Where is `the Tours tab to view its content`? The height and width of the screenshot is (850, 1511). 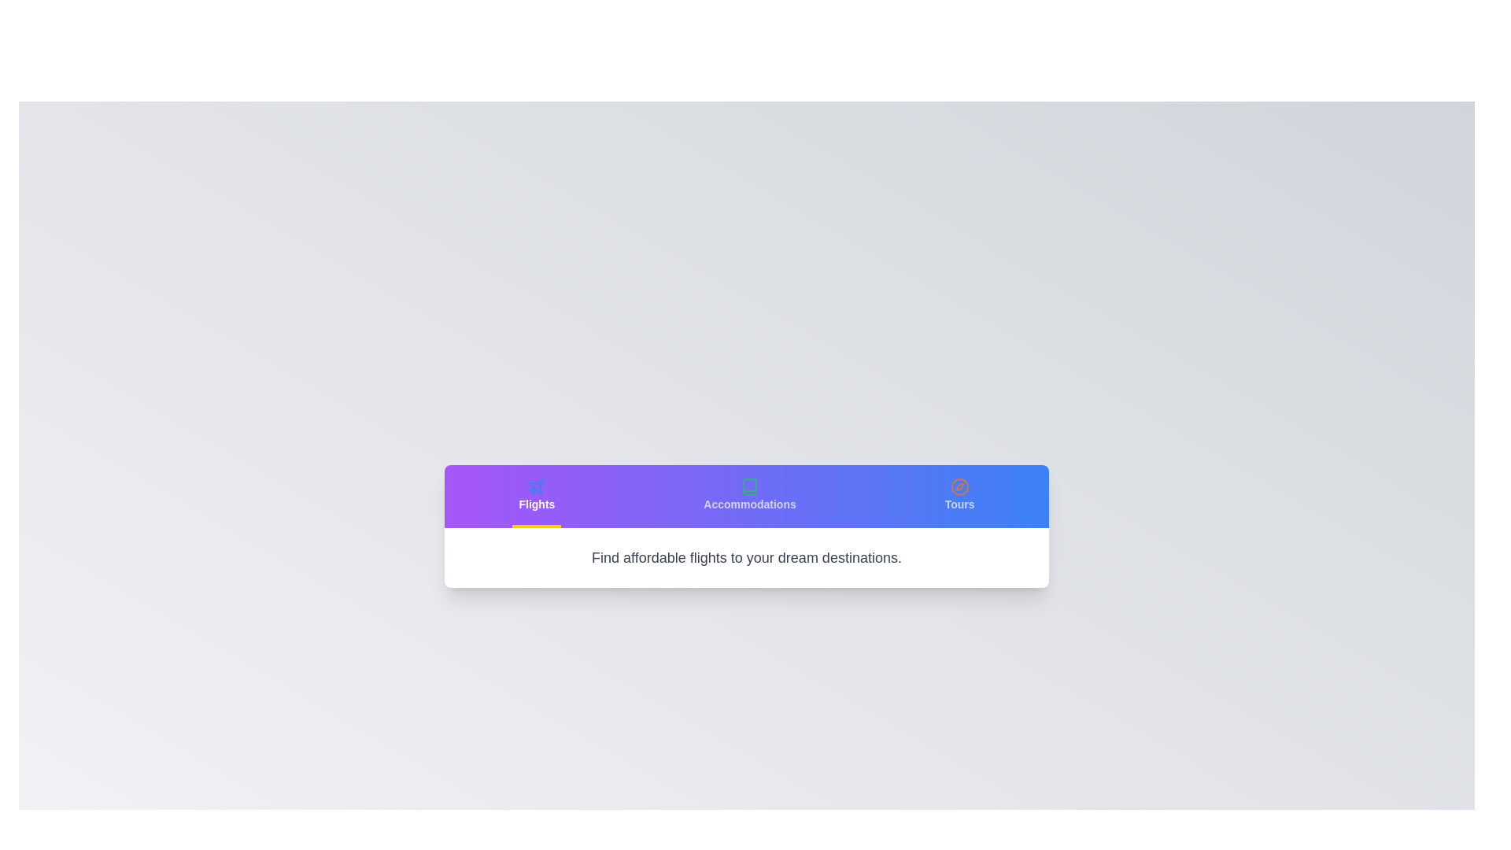
the Tours tab to view its content is located at coordinates (959, 497).